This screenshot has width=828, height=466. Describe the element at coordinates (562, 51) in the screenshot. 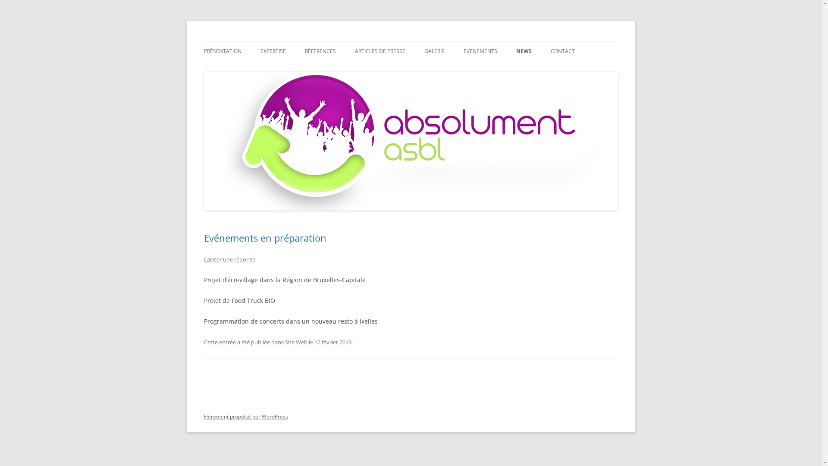

I see `'CONTACT'` at that location.